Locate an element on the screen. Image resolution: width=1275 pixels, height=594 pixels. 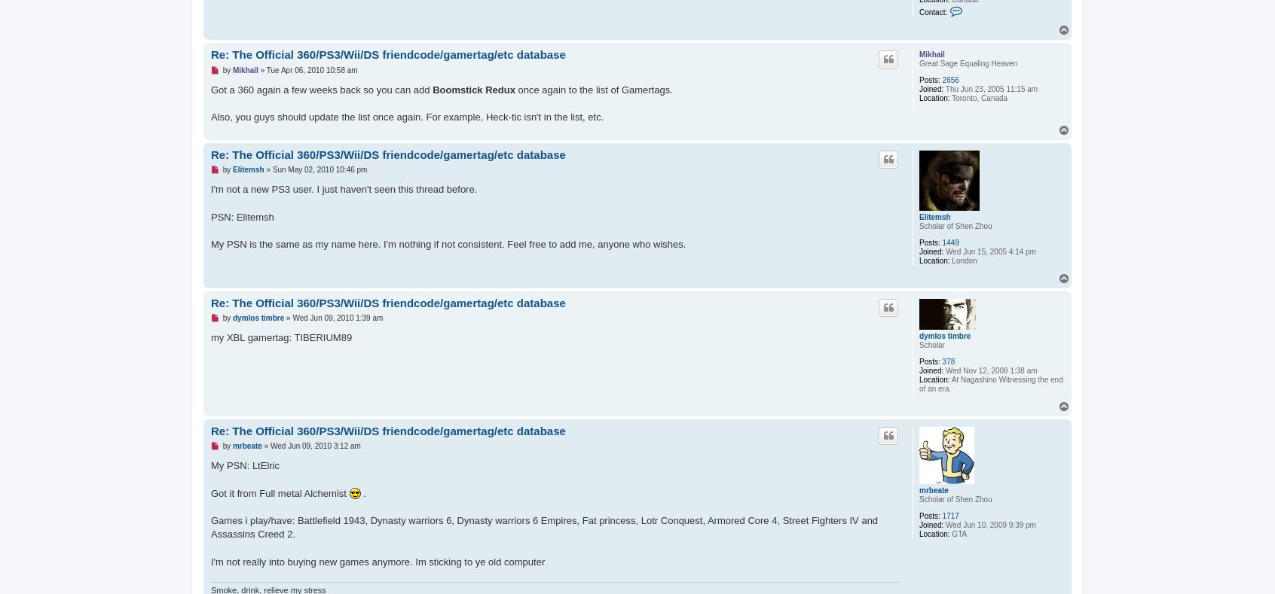
'I'm not a new PS3 user. I just haven't seen this thread before.' is located at coordinates (343, 189).